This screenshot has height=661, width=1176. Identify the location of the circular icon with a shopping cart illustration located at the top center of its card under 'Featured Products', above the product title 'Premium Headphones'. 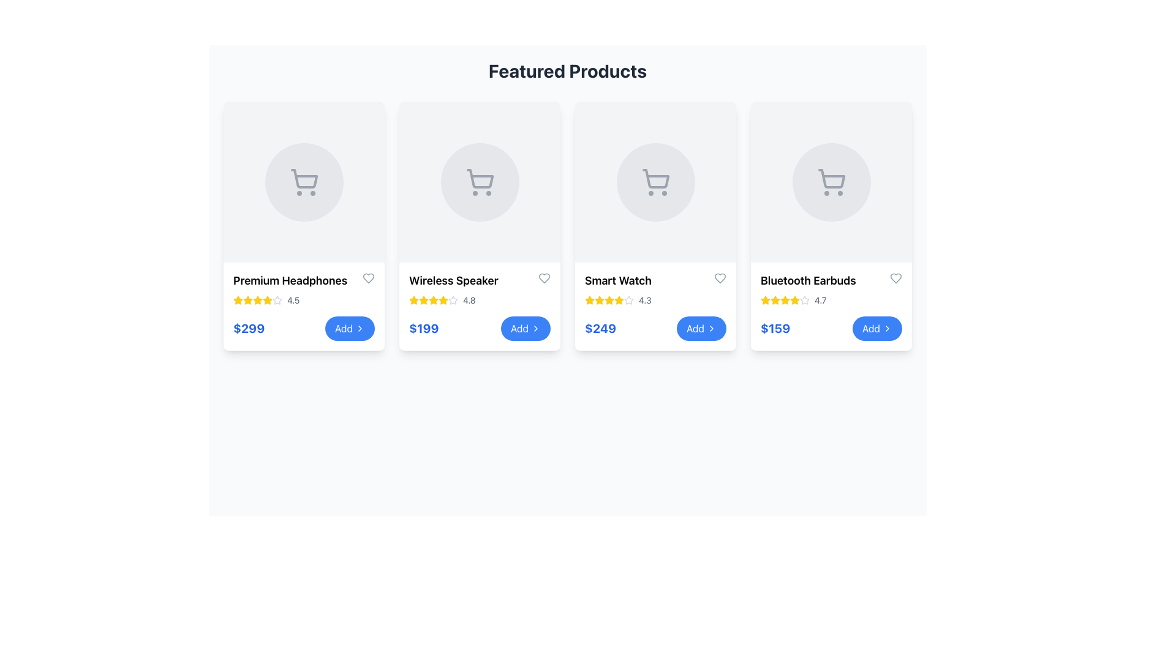
(304, 182).